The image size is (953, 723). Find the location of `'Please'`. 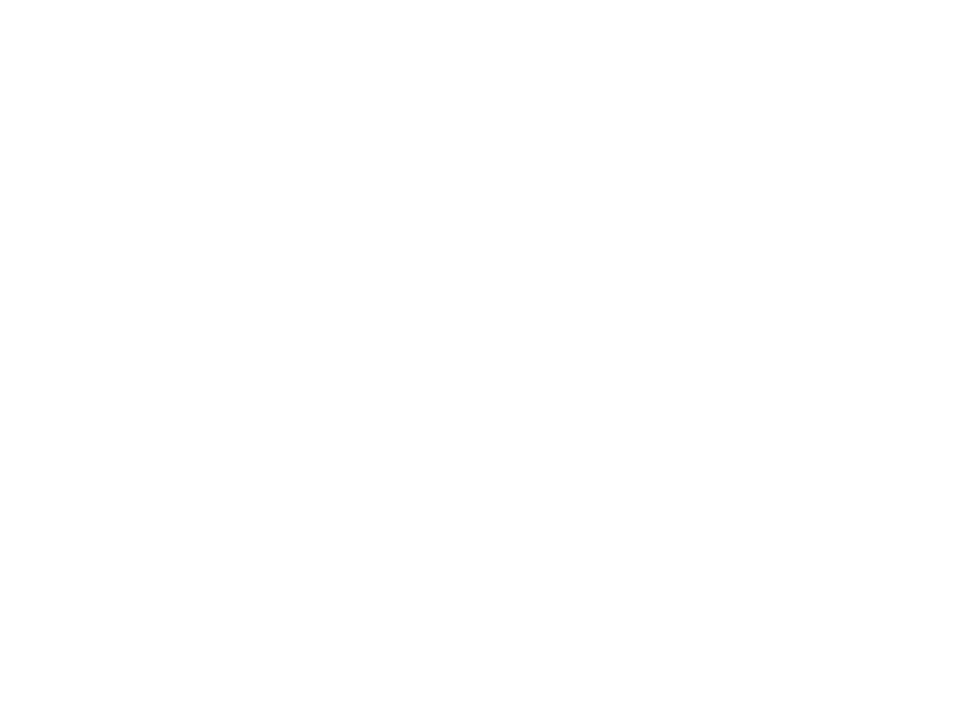

'Please' is located at coordinates (151, 104).